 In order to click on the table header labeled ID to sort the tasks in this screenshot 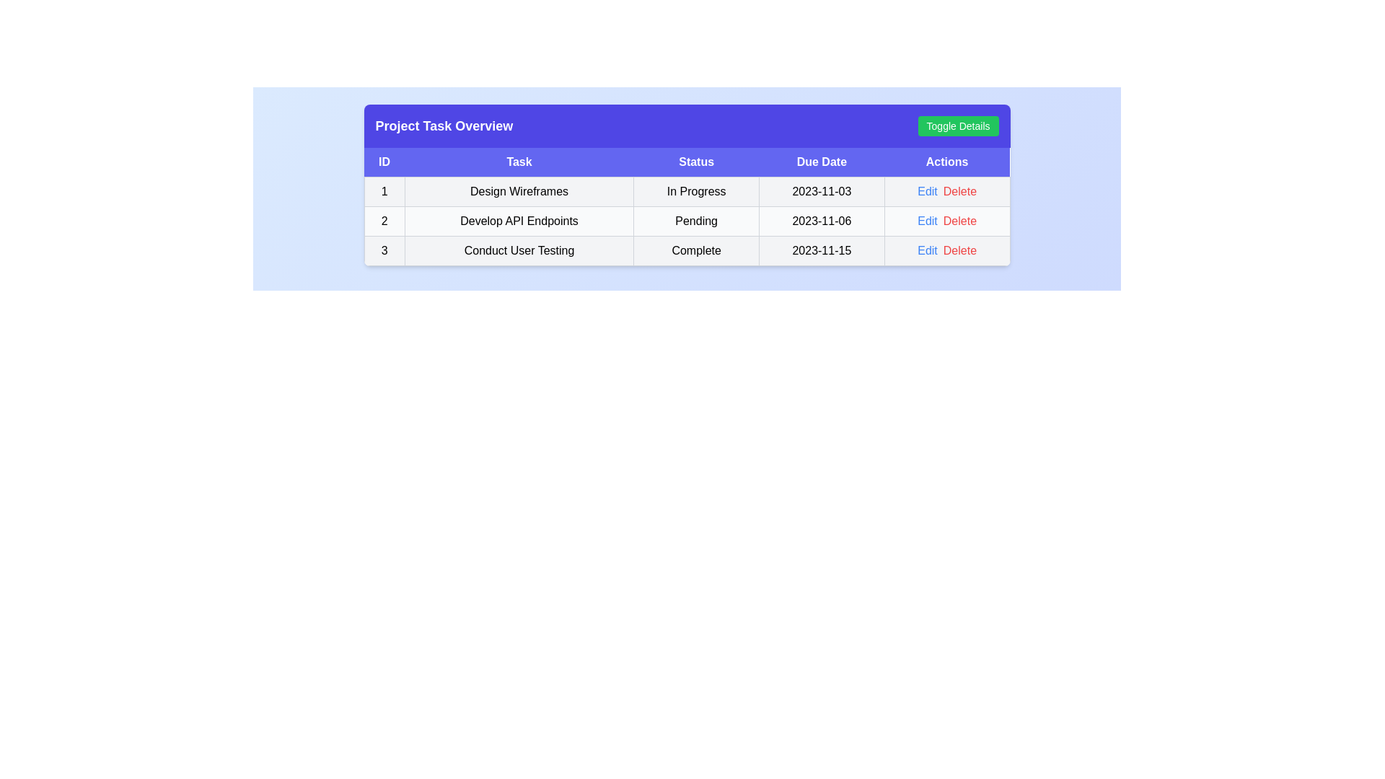, I will do `click(384, 162)`.